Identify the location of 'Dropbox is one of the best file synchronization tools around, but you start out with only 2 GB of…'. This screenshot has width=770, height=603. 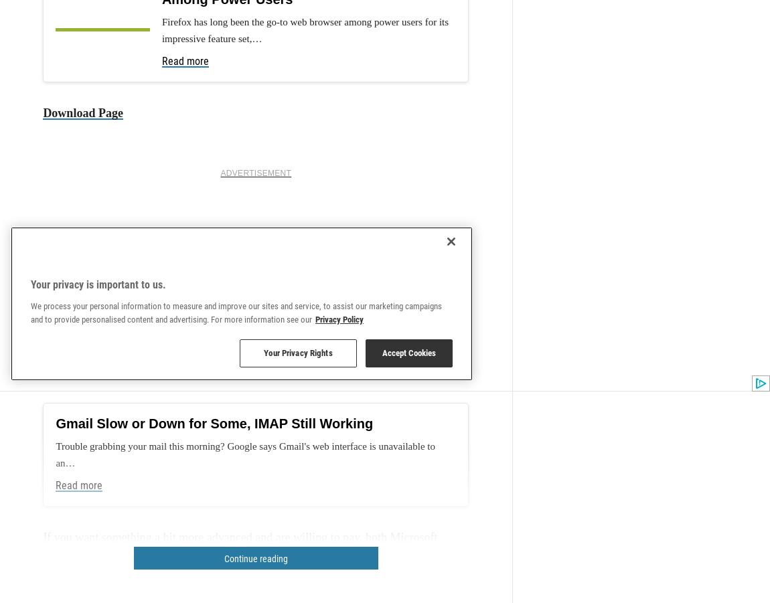
(254, 355).